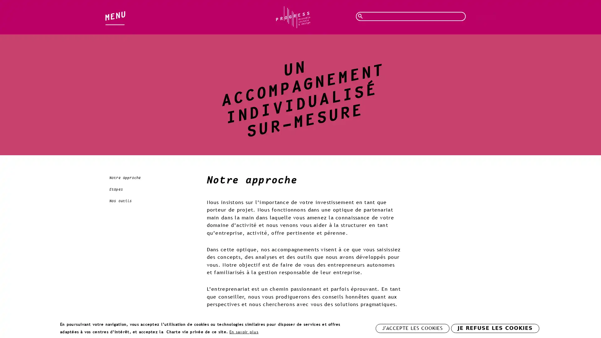  Describe the element at coordinates (495, 328) in the screenshot. I see `JE REFUSE LES COOKIES` at that location.